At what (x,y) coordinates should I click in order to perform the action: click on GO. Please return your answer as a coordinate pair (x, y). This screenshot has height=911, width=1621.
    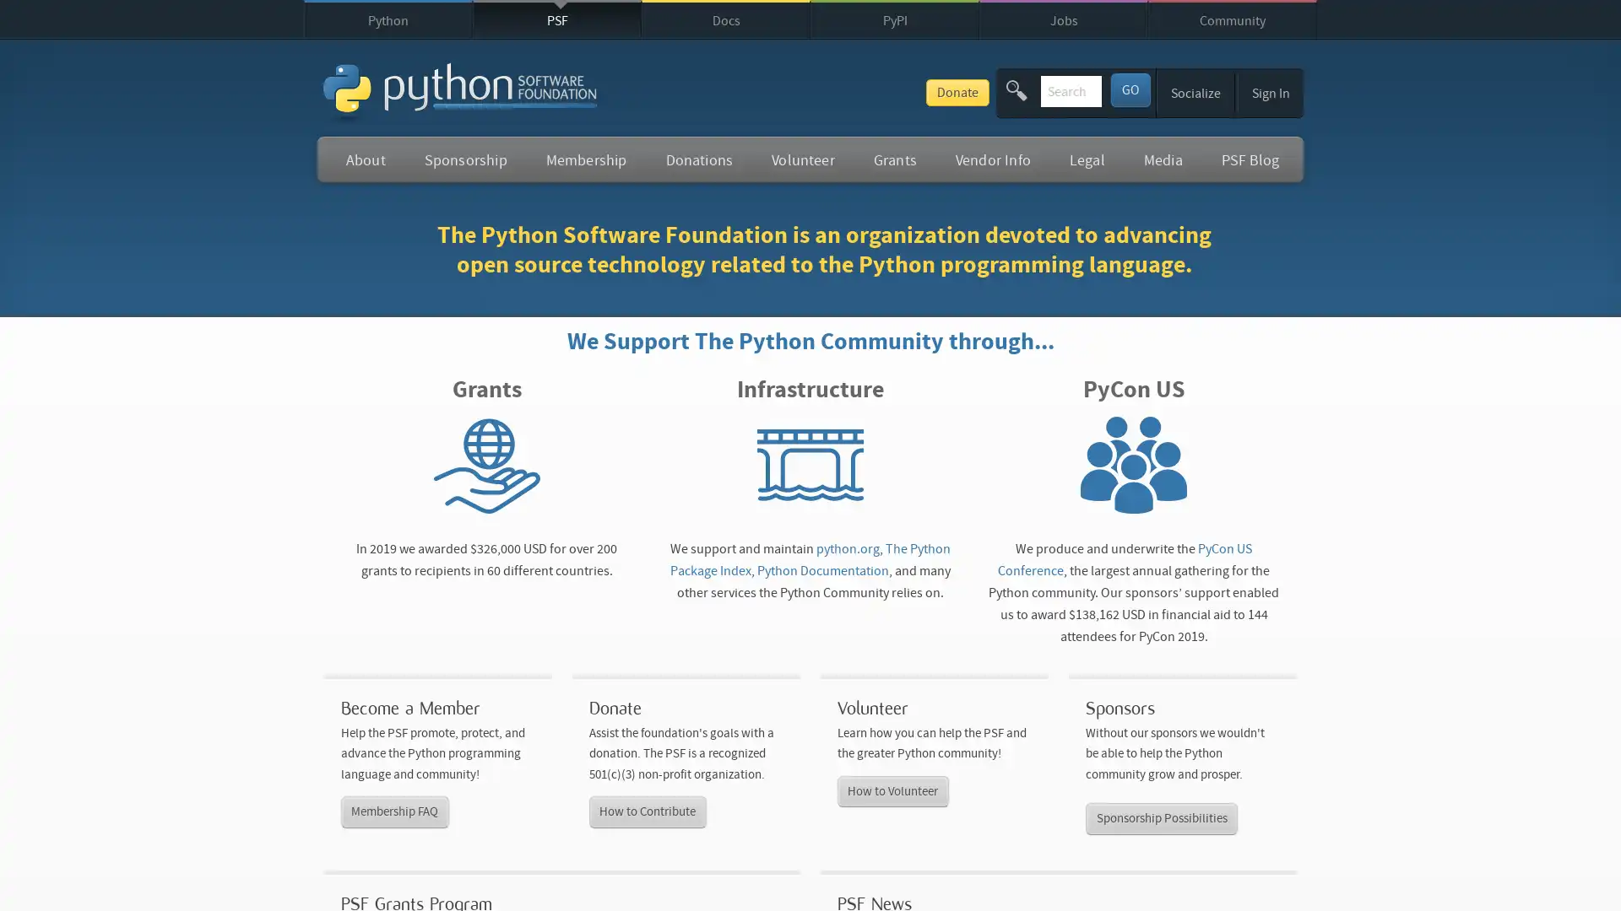
    Looking at the image, I should click on (1130, 89).